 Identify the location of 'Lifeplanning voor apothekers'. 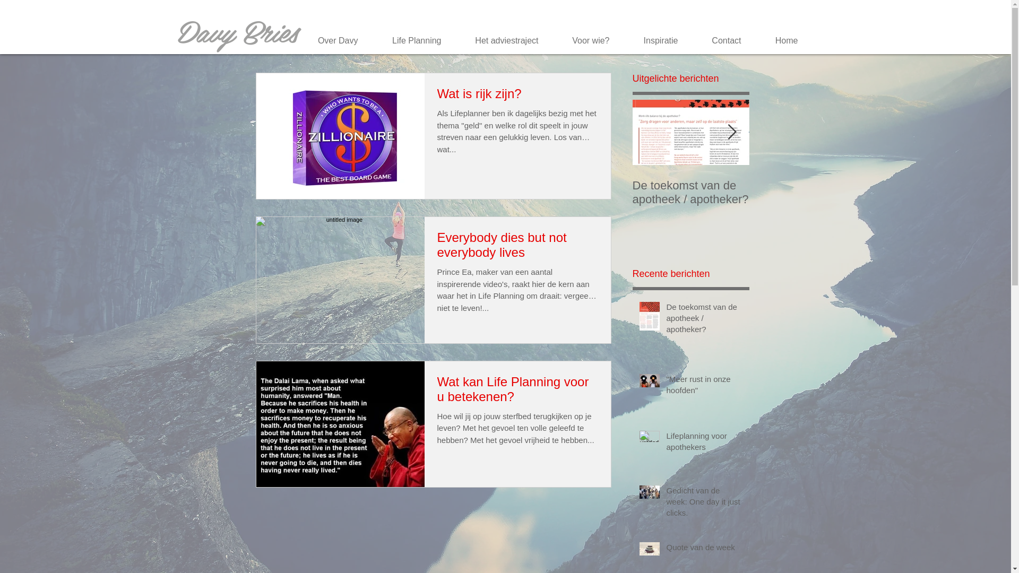
(705, 444).